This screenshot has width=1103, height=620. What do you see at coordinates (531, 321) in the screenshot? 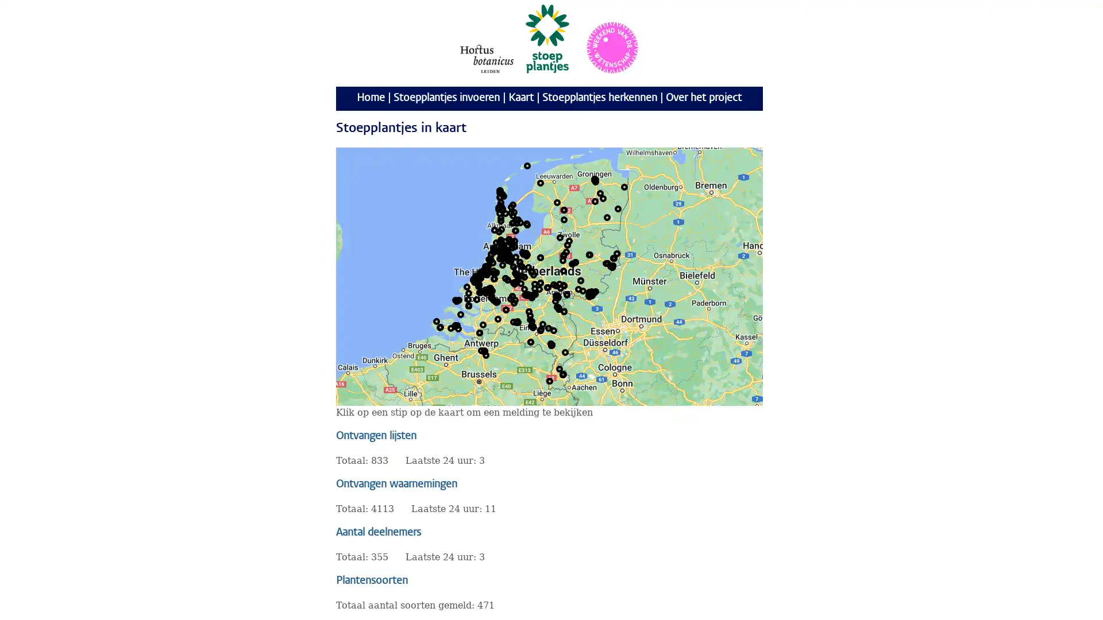
I see `Telling van Marian op 08 mei 2022` at bounding box center [531, 321].